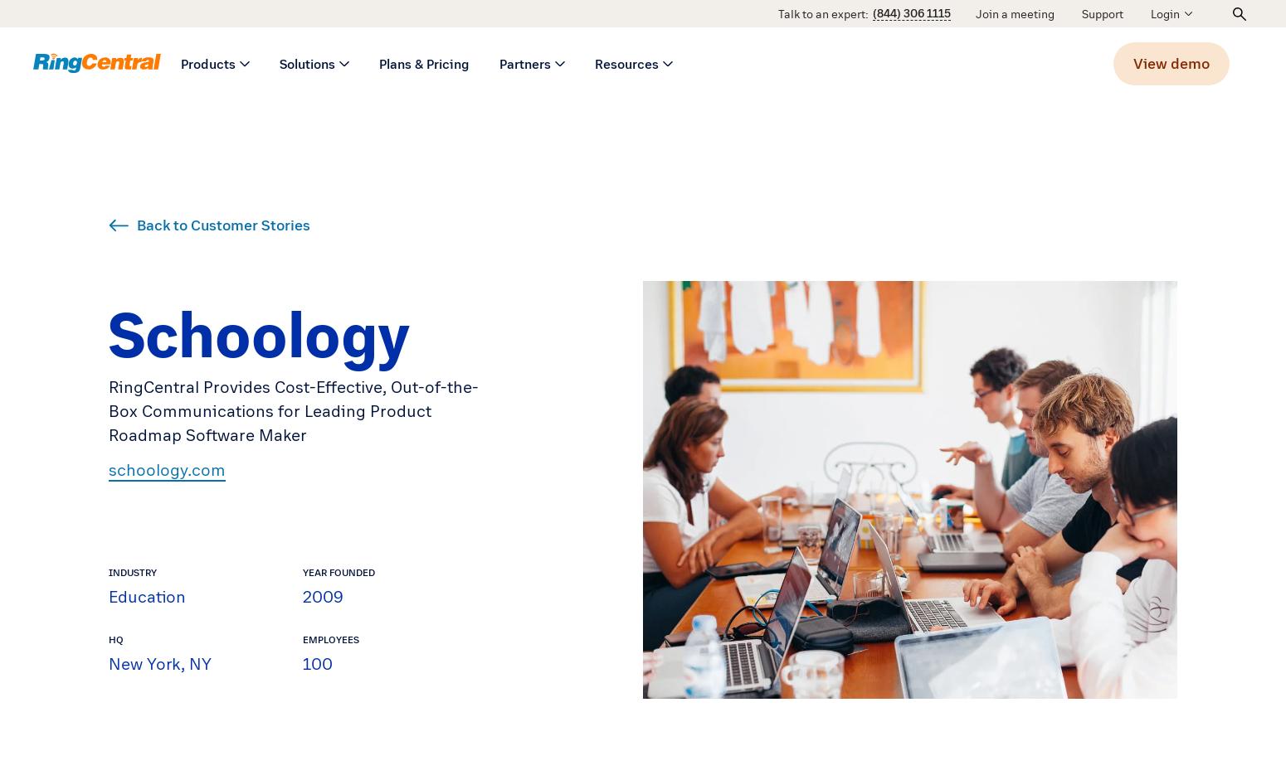 Image resolution: width=1286 pixels, height=780 pixels. I want to click on 'Resources', so click(595, 62).